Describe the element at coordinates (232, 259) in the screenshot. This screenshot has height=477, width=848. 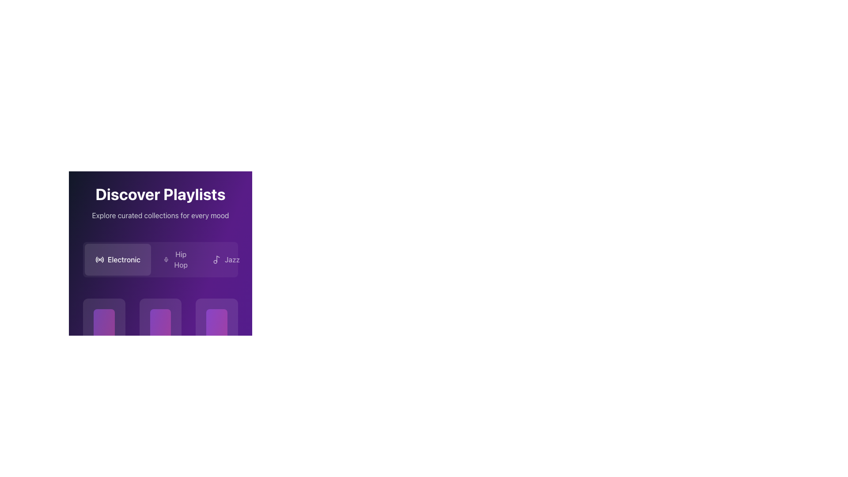
I see `the 'Jazz' menu item in the 'Discover Playlists' section` at that location.